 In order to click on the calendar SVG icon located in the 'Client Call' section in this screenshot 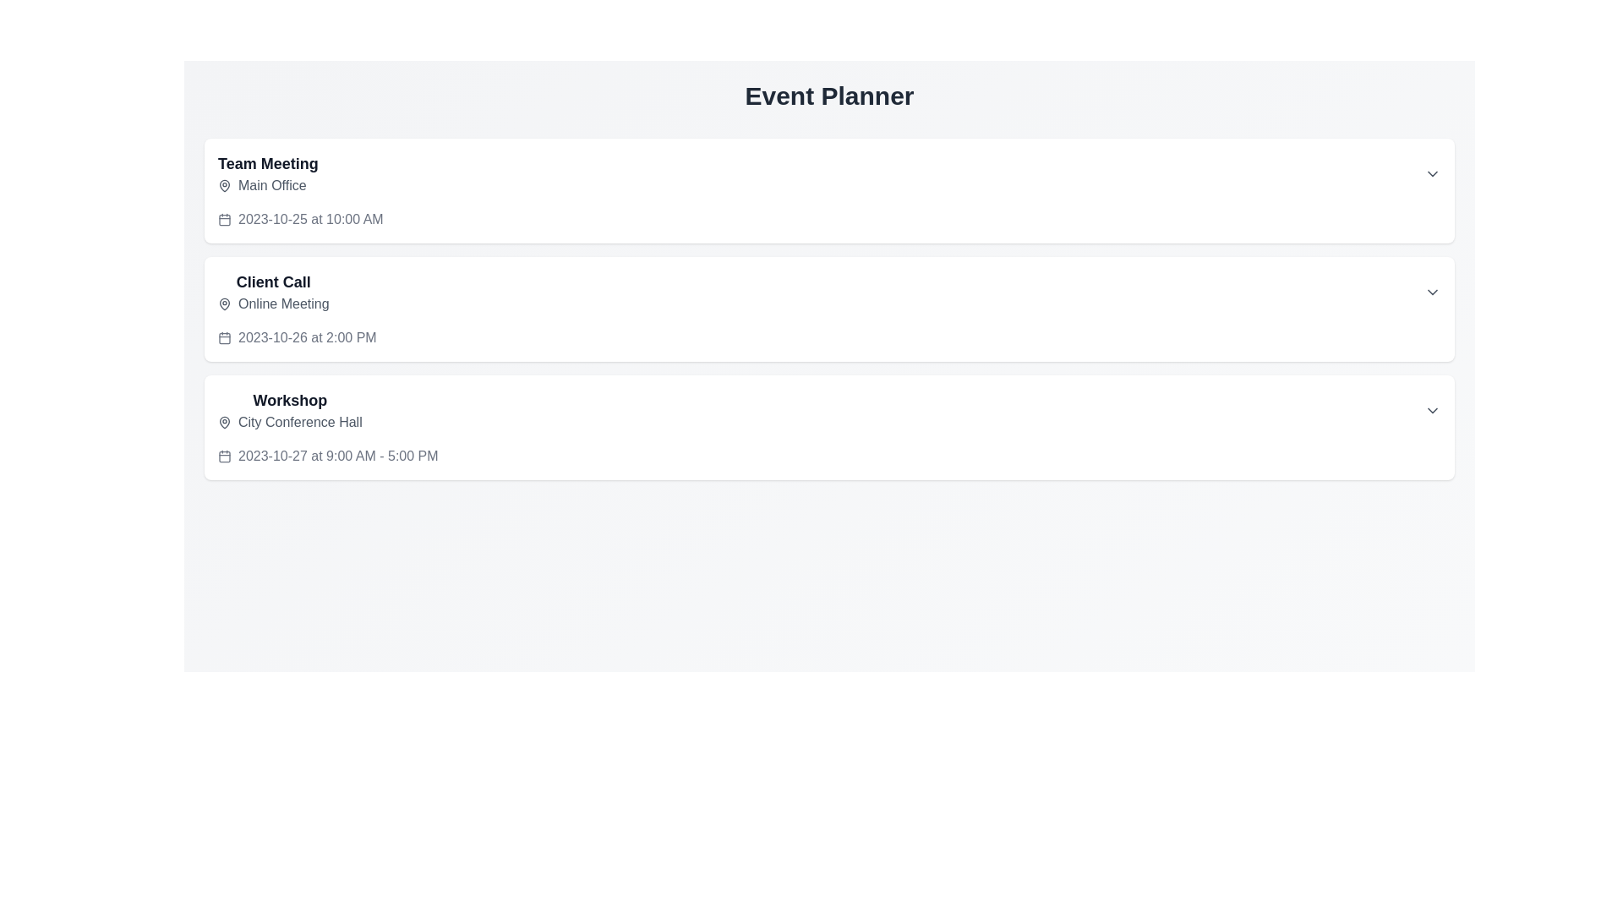, I will do `click(223, 338)`.